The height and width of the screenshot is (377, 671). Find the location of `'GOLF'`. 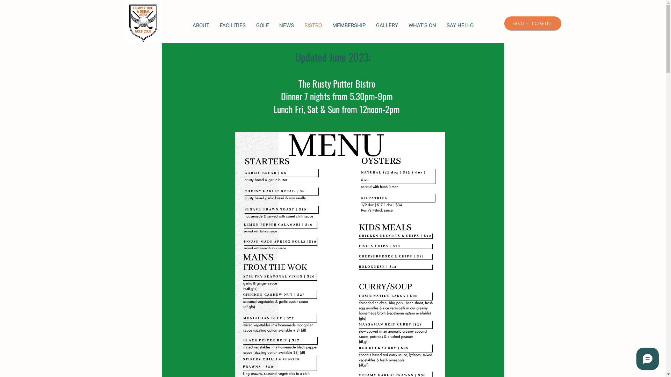

'GOLF' is located at coordinates (251, 25).